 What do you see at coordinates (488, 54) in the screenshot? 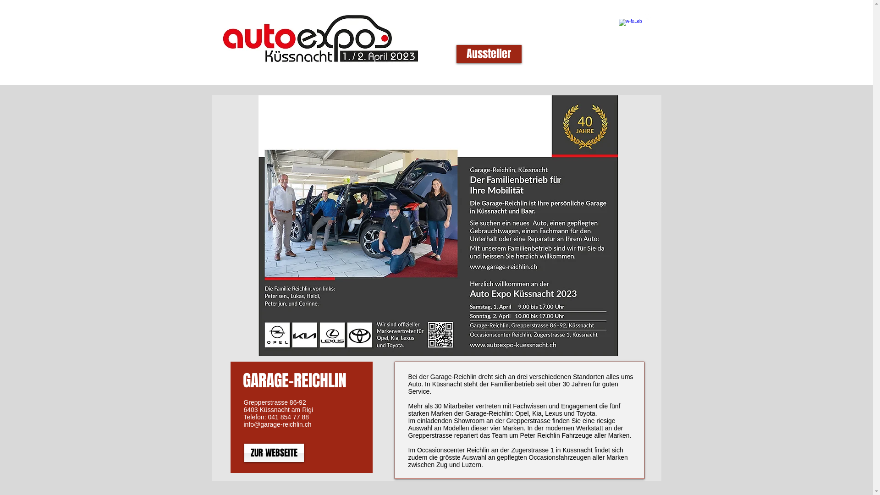
I see `'Aussteller'` at bounding box center [488, 54].